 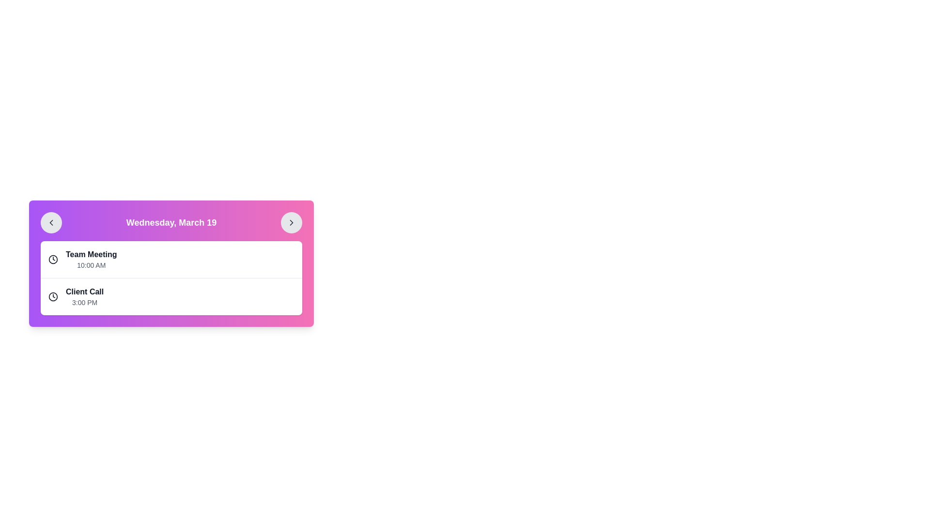 I want to click on the clock icon, which is circular in shape and located to the left of the text 'Client Call' and '3:00 PM' within a card layout, so click(x=53, y=296).